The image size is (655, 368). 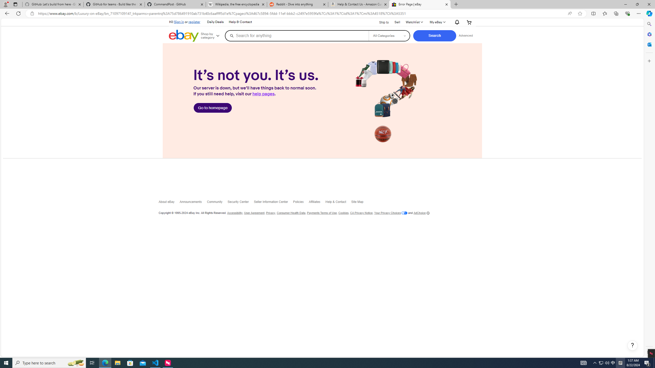 What do you see at coordinates (212, 35) in the screenshot?
I see `'Shop by category'` at bounding box center [212, 35].